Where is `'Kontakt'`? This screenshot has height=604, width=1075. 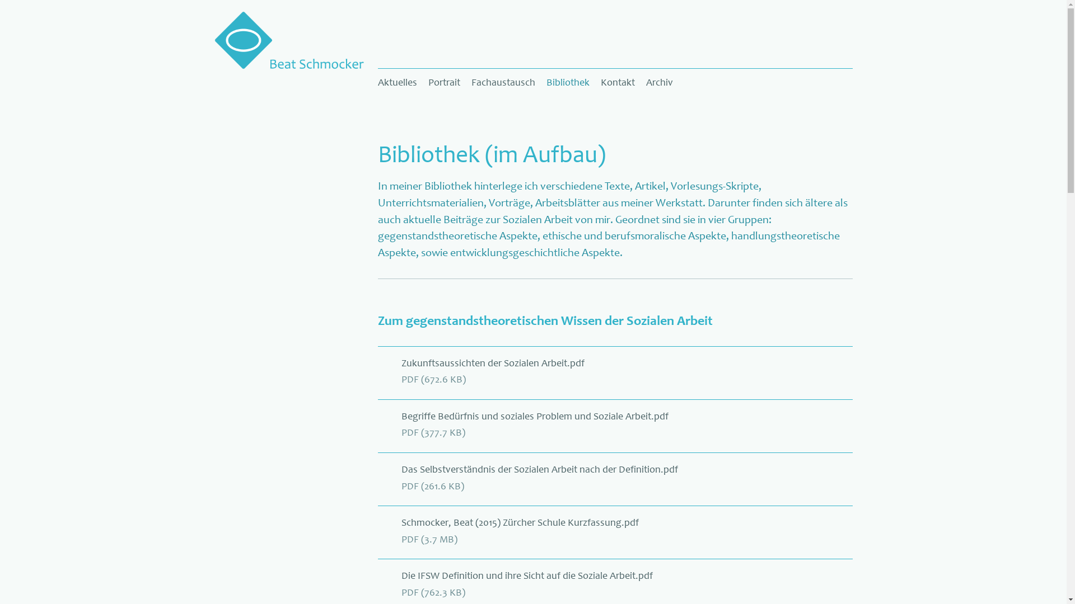
'Kontakt' is located at coordinates (617, 82).